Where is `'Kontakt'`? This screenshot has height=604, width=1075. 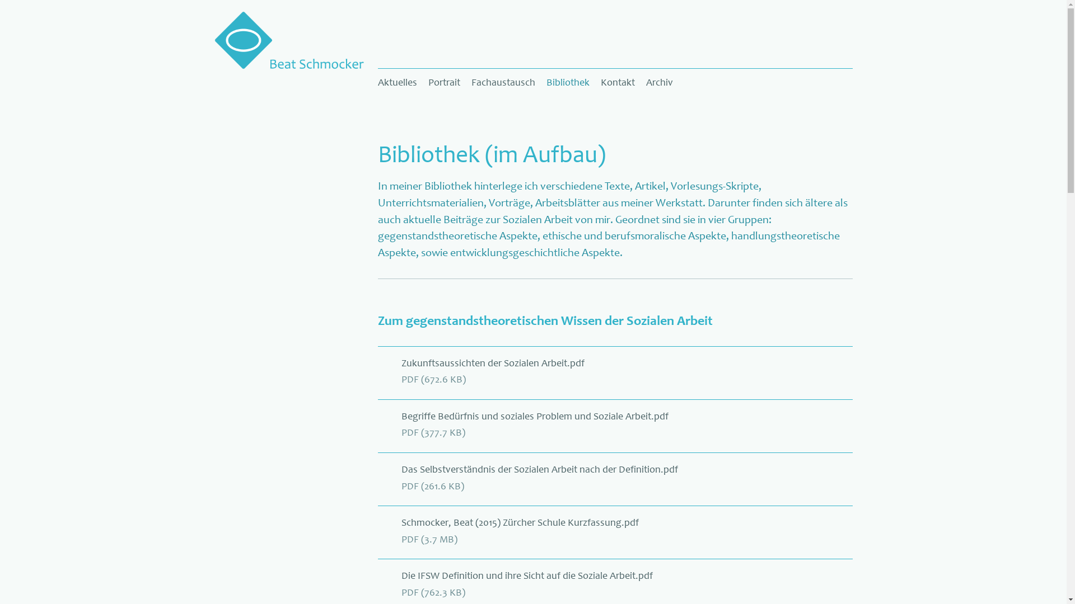
'Kontakt' is located at coordinates (617, 82).